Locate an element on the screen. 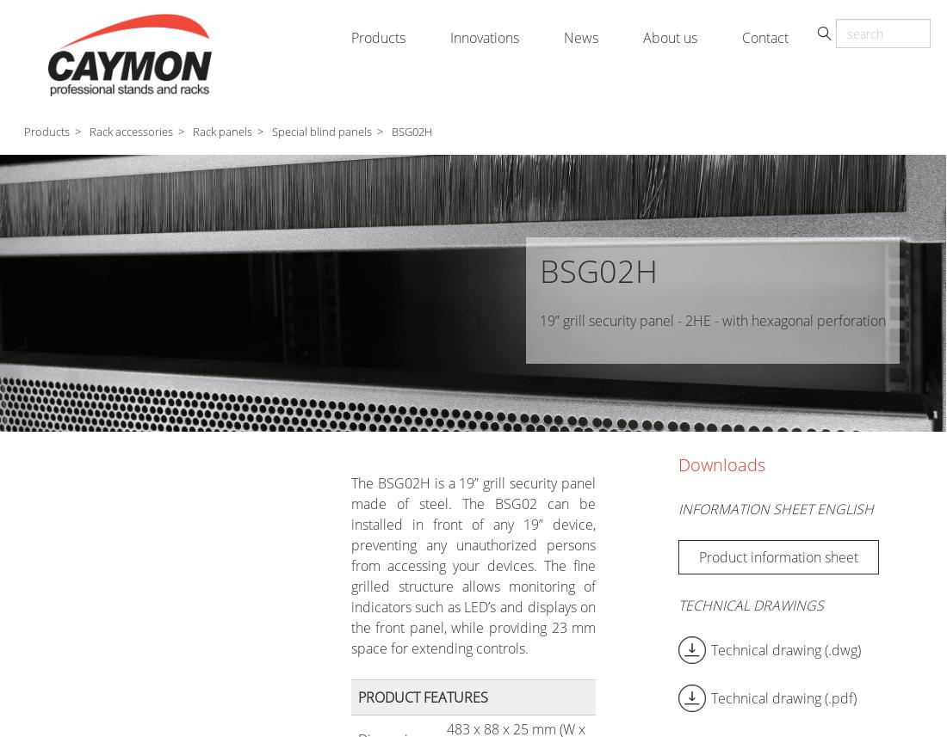 This screenshot has height=737, width=947. 'Technical drawings' is located at coordinates (750, 605).